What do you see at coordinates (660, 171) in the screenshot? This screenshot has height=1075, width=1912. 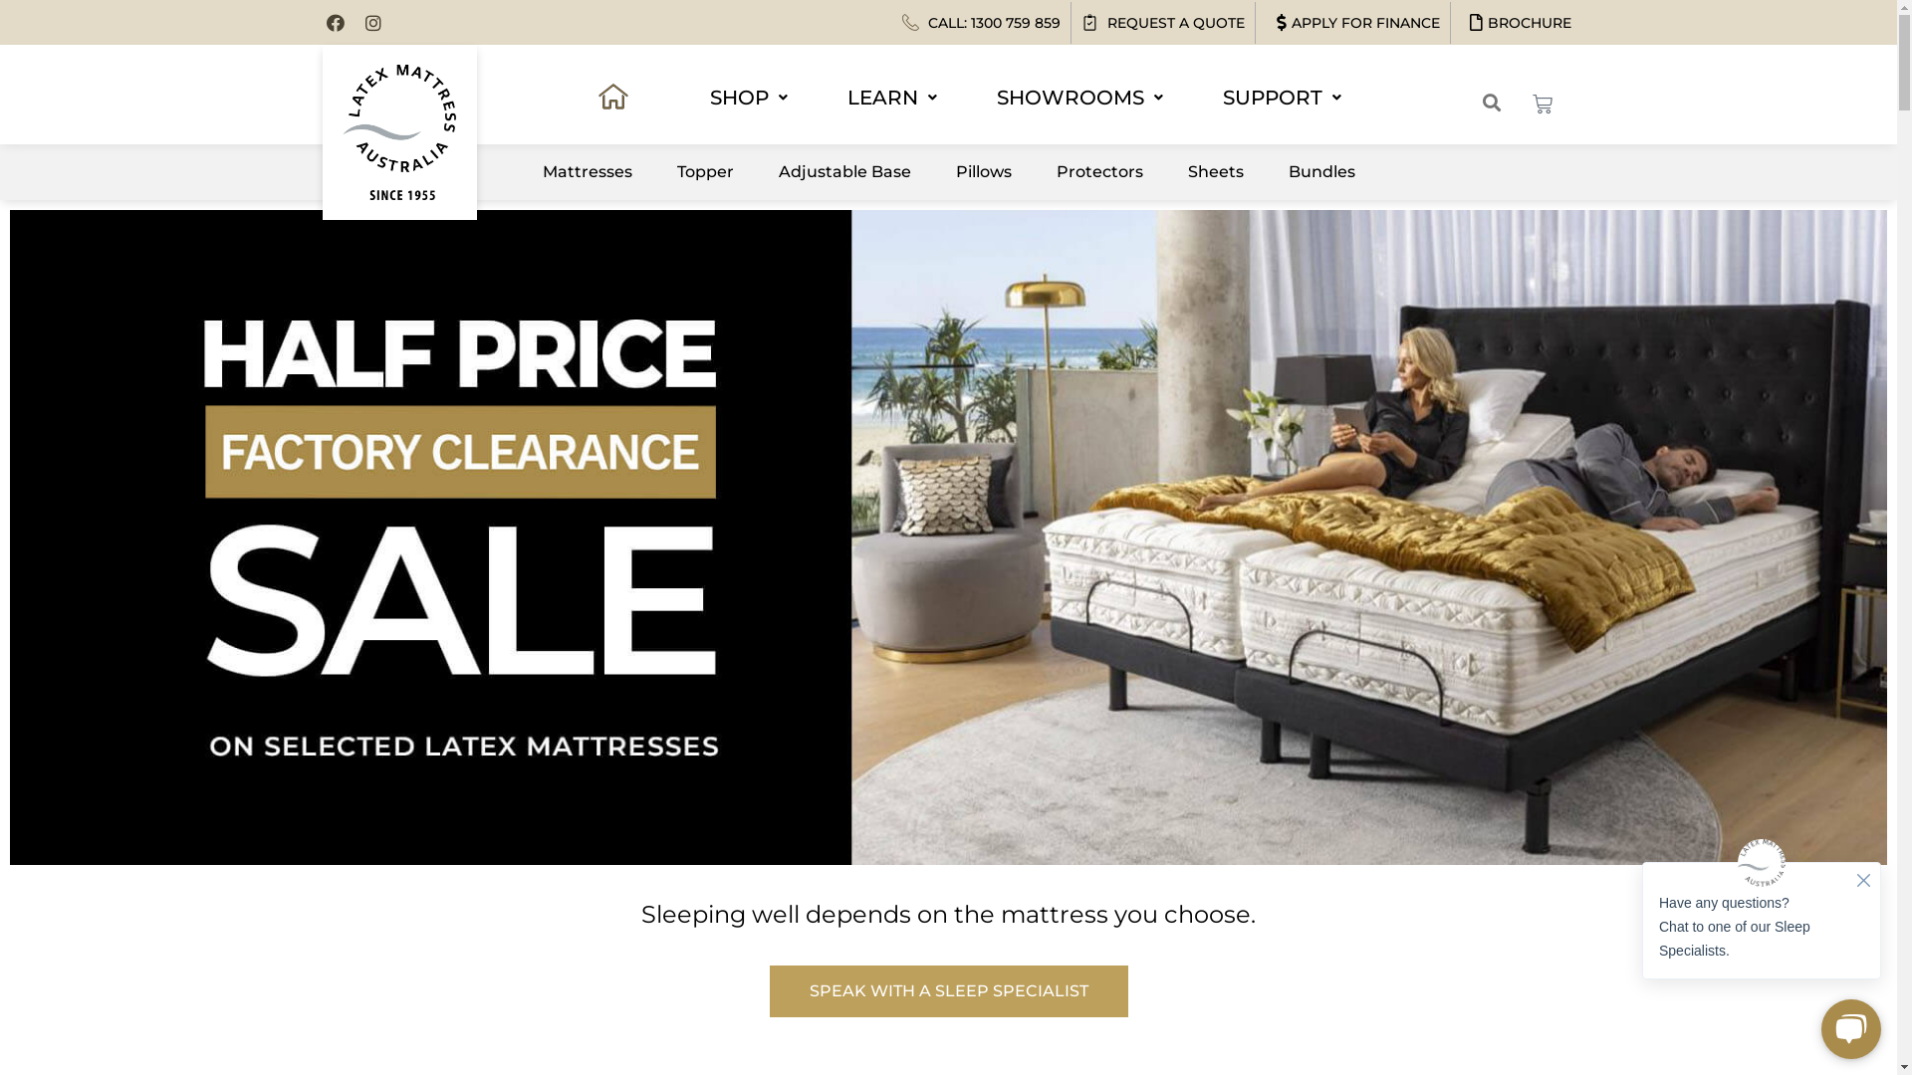 I see `'Topper'` at bounding box center [660, 171].